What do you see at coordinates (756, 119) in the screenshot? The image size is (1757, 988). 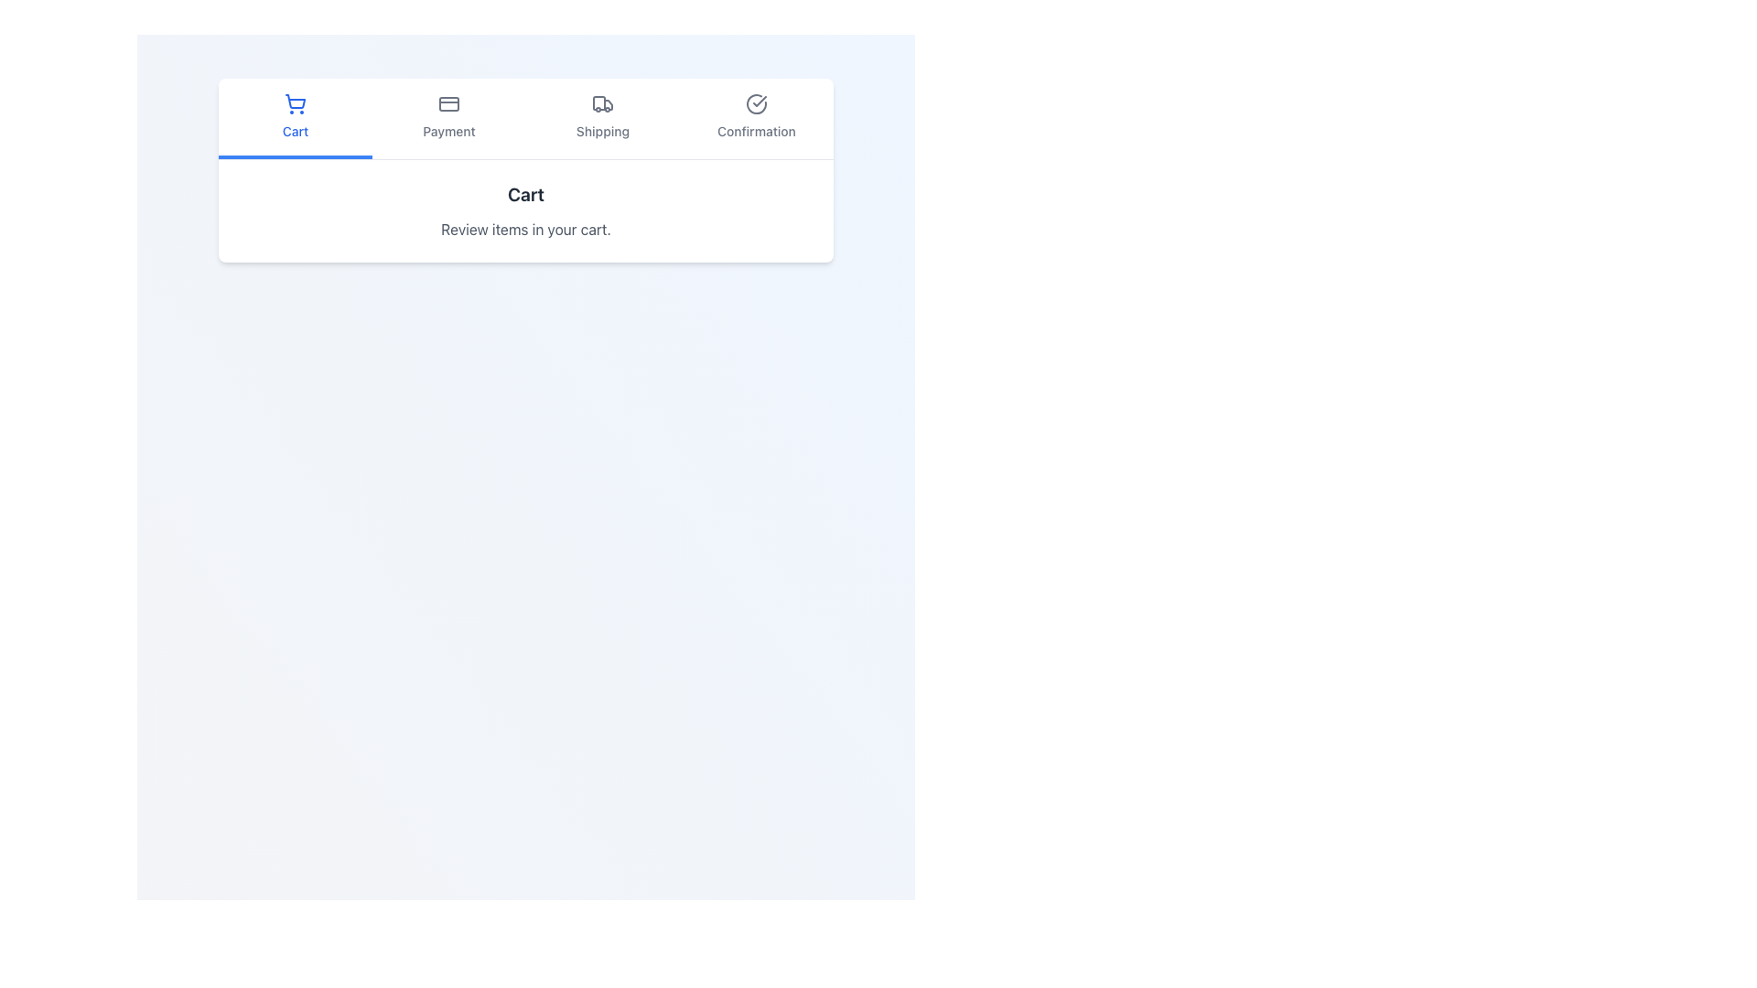 I see `the 'Confirmation' tab with a centered label and a circular checkmark icon` at bounding box center [756, 119].